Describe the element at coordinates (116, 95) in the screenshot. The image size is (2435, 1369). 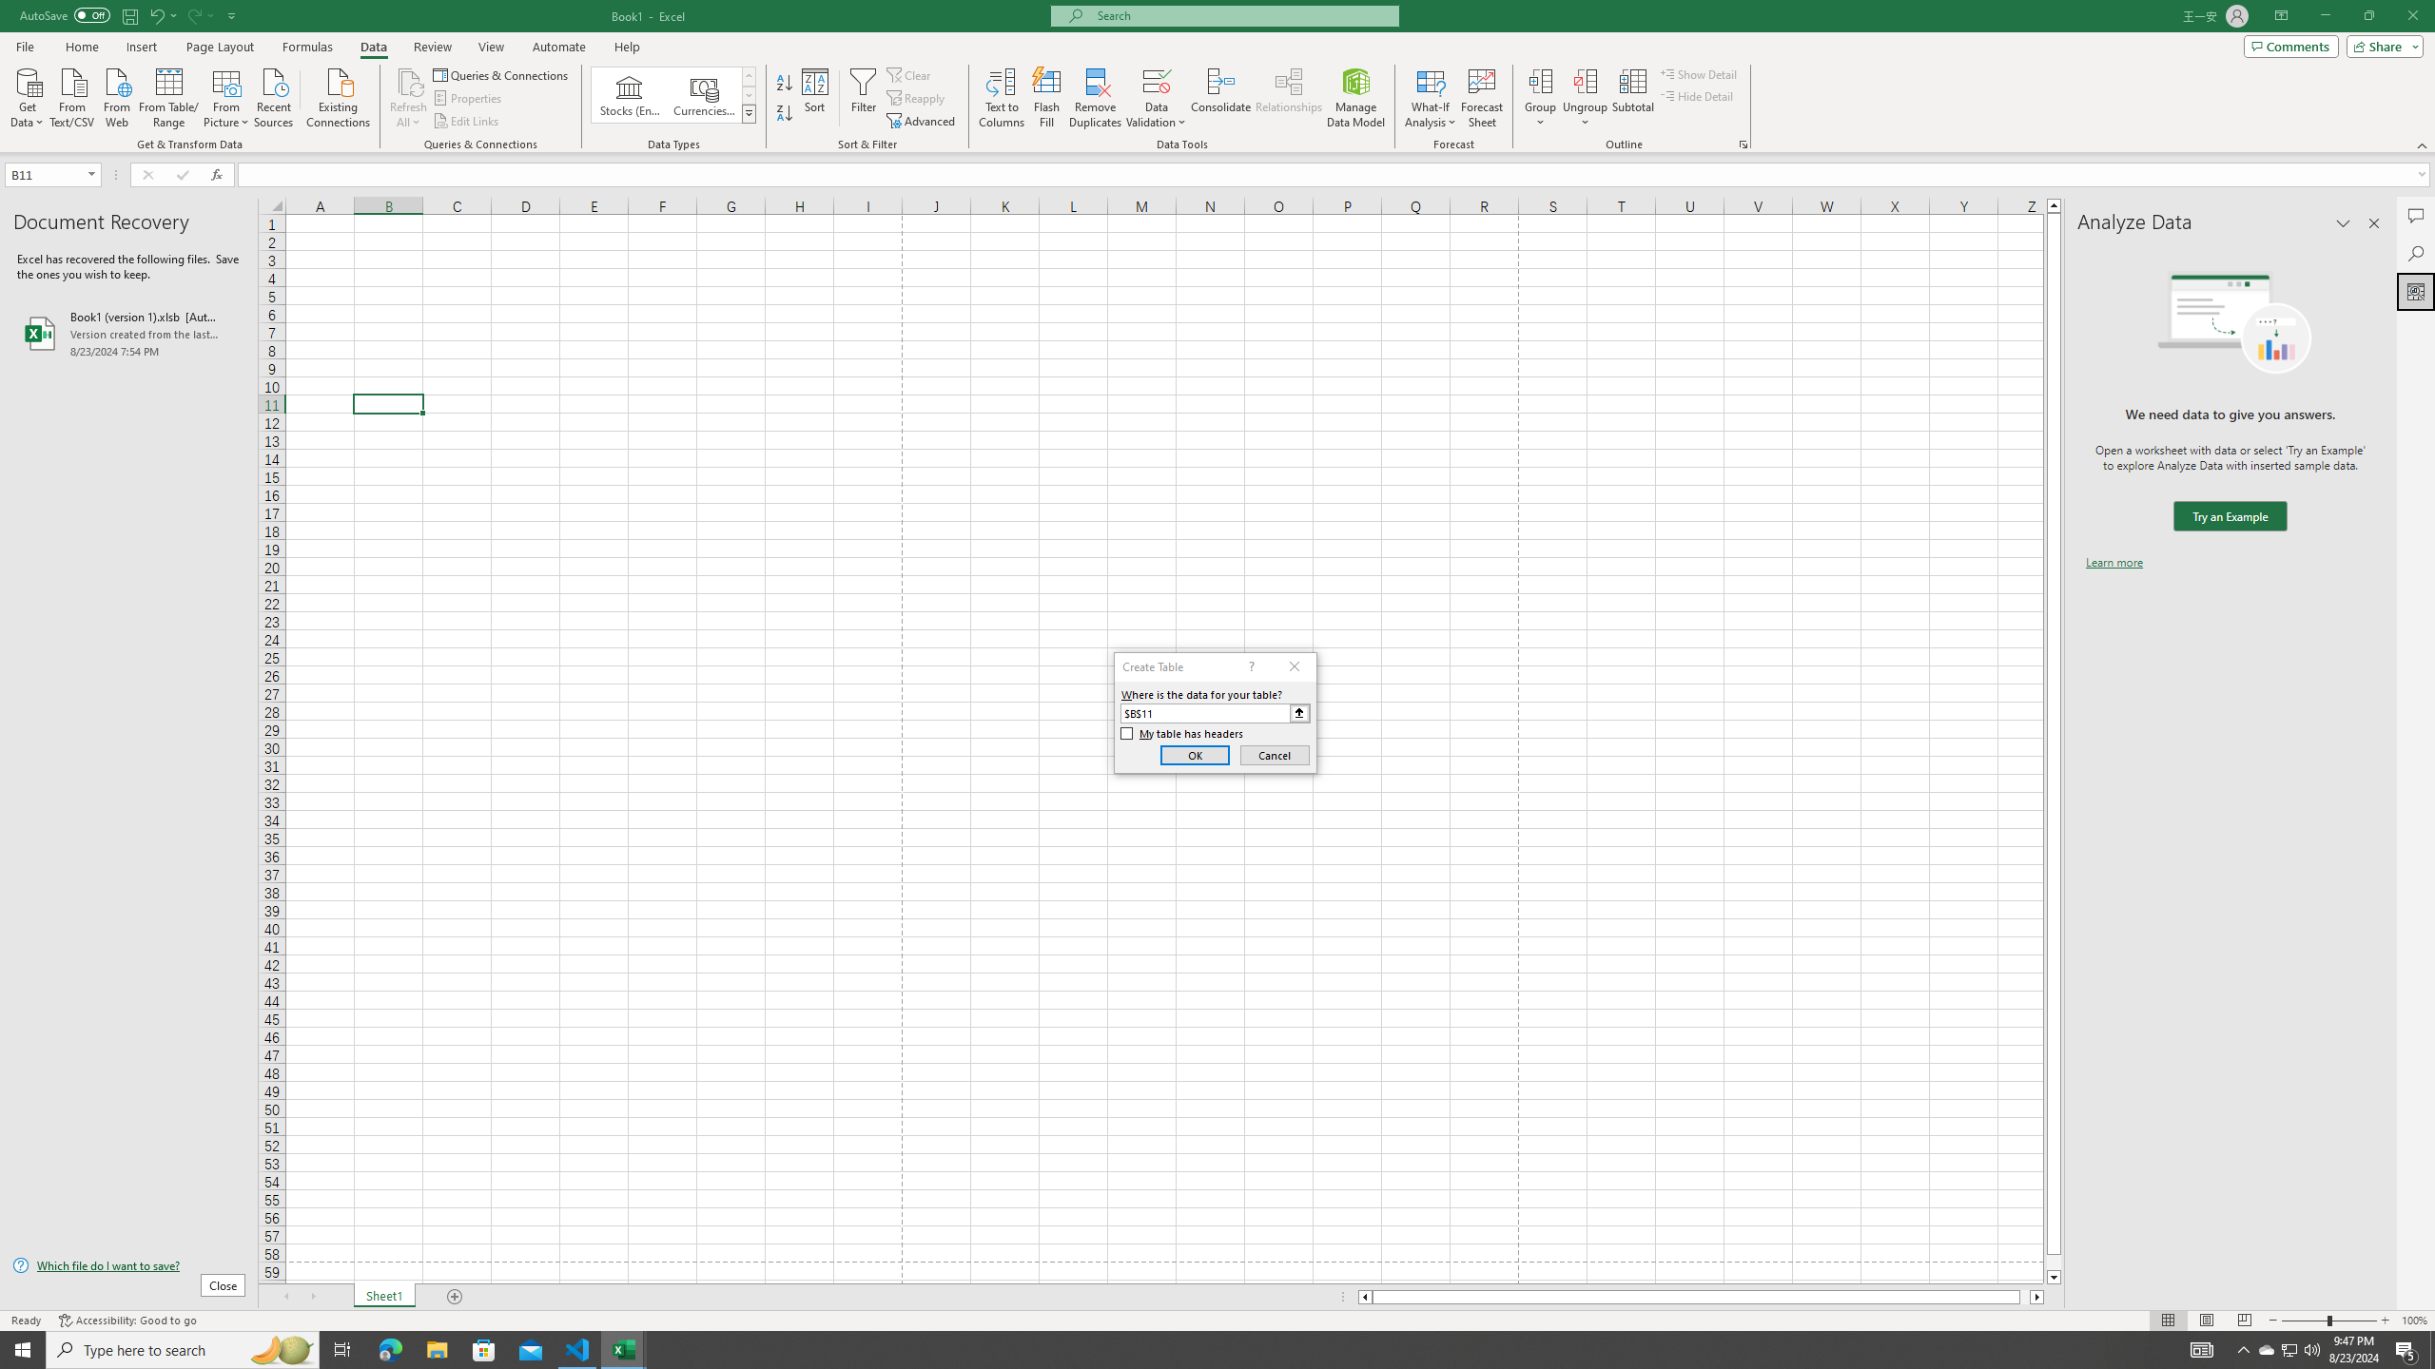
I see `'From Web'` at that location.